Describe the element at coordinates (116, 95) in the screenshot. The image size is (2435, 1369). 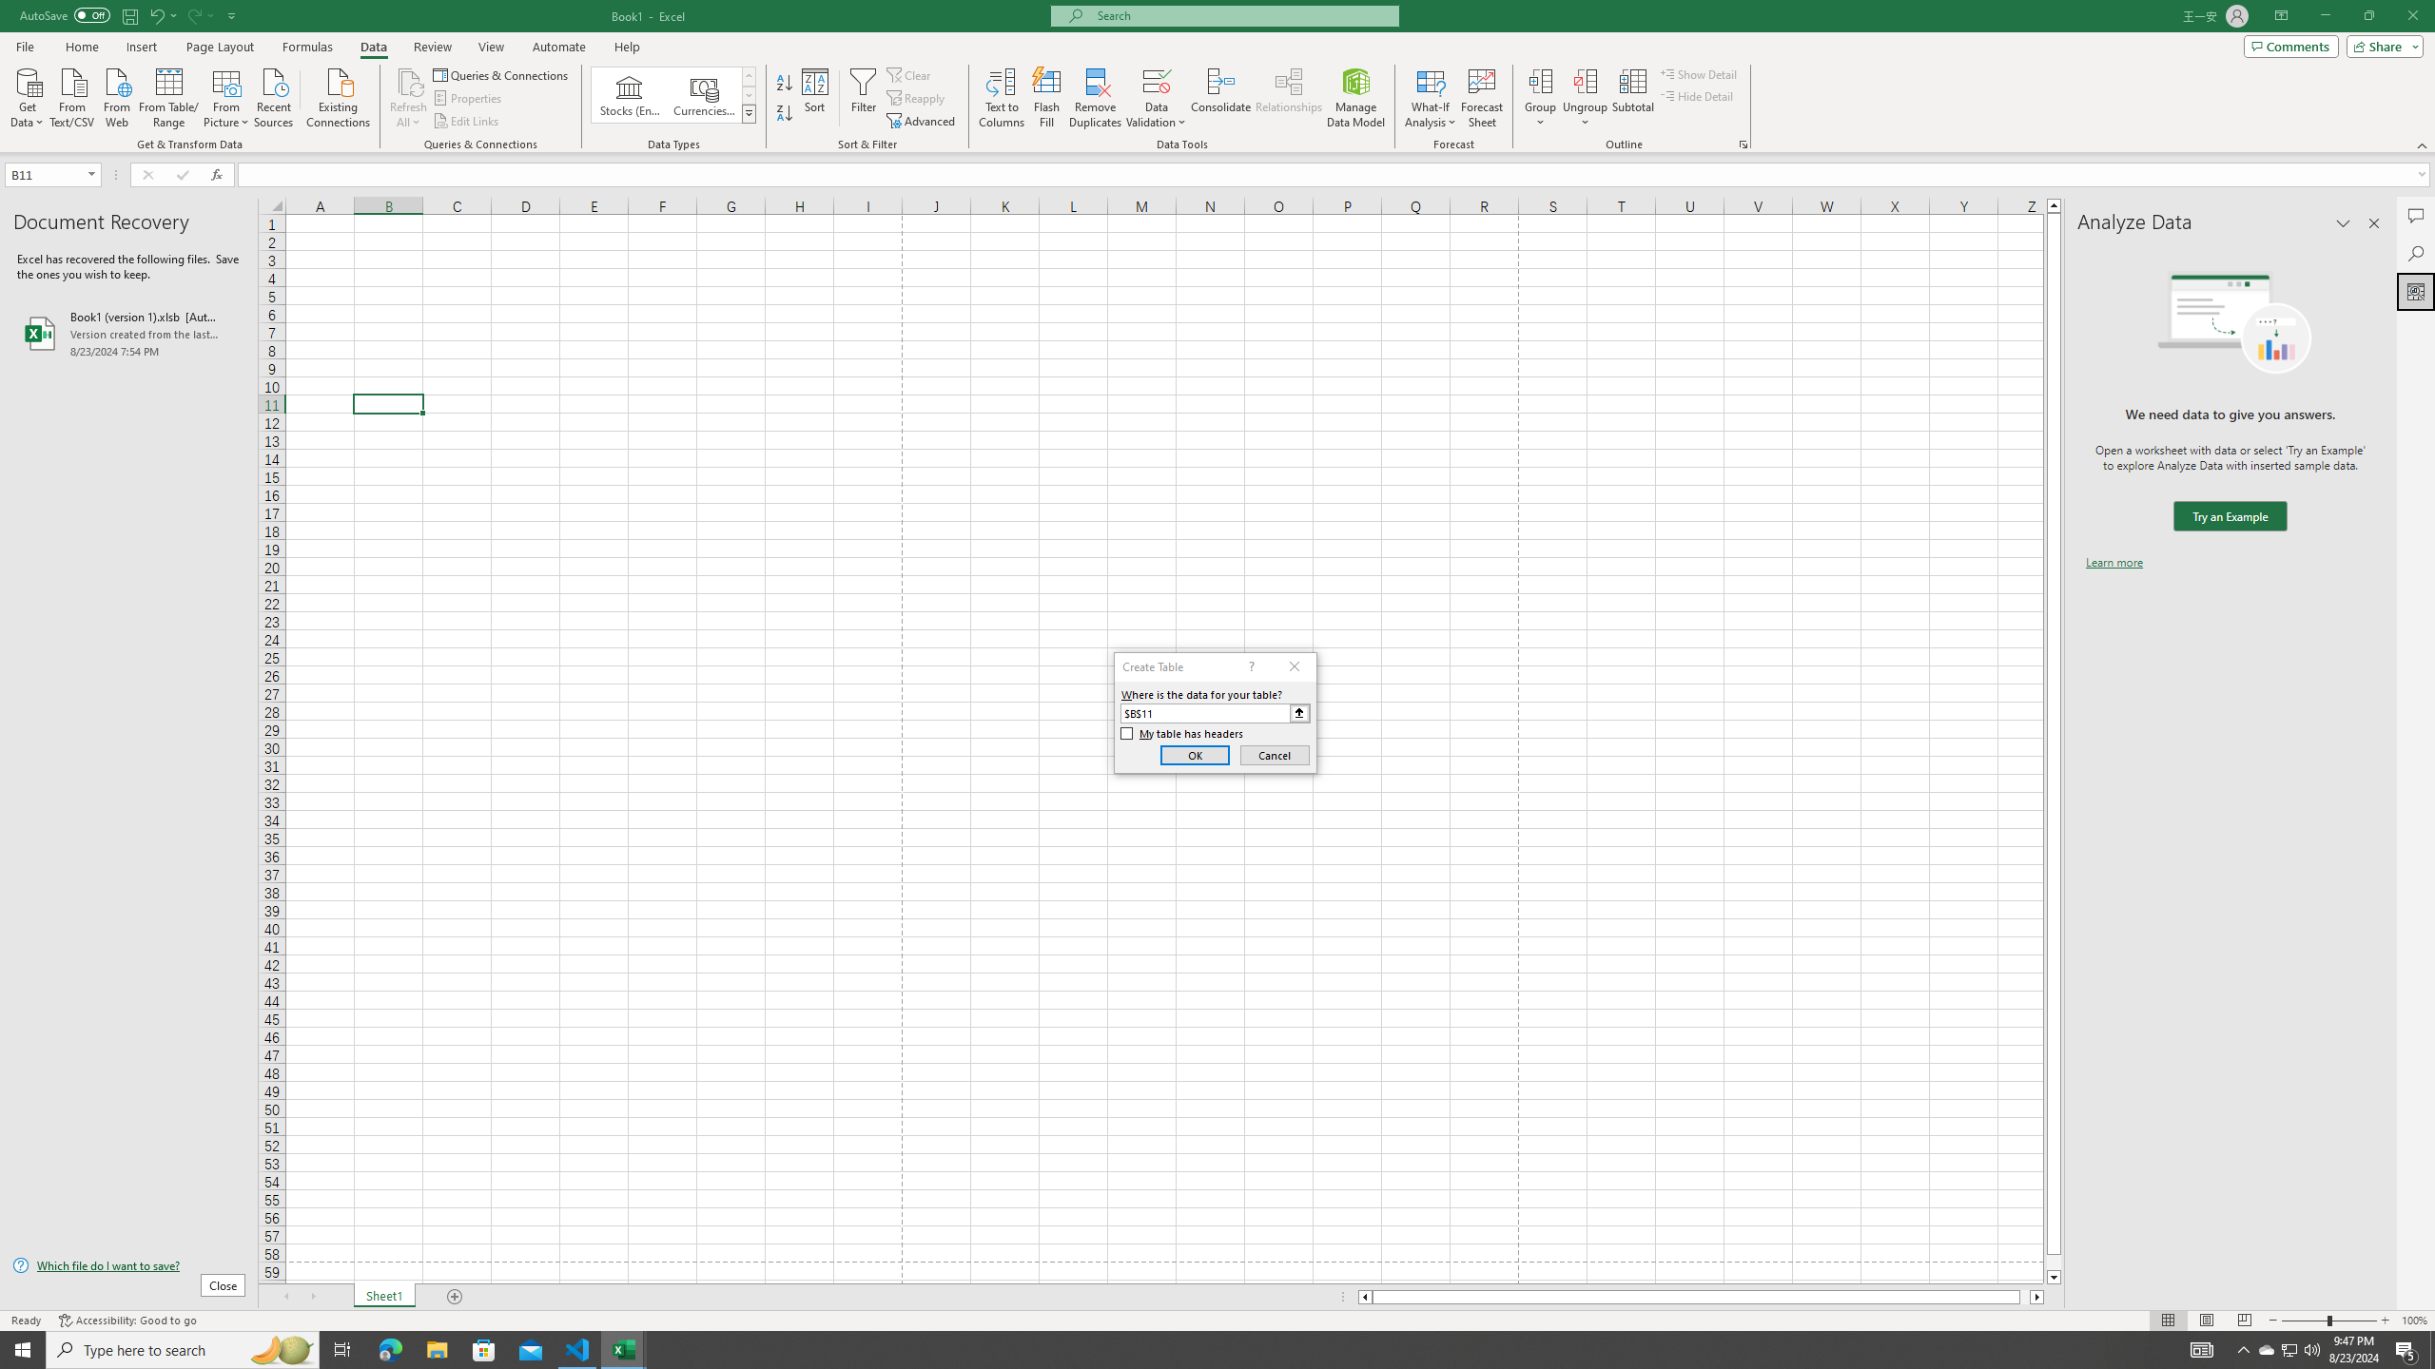
I see `'From Web'` at that location.